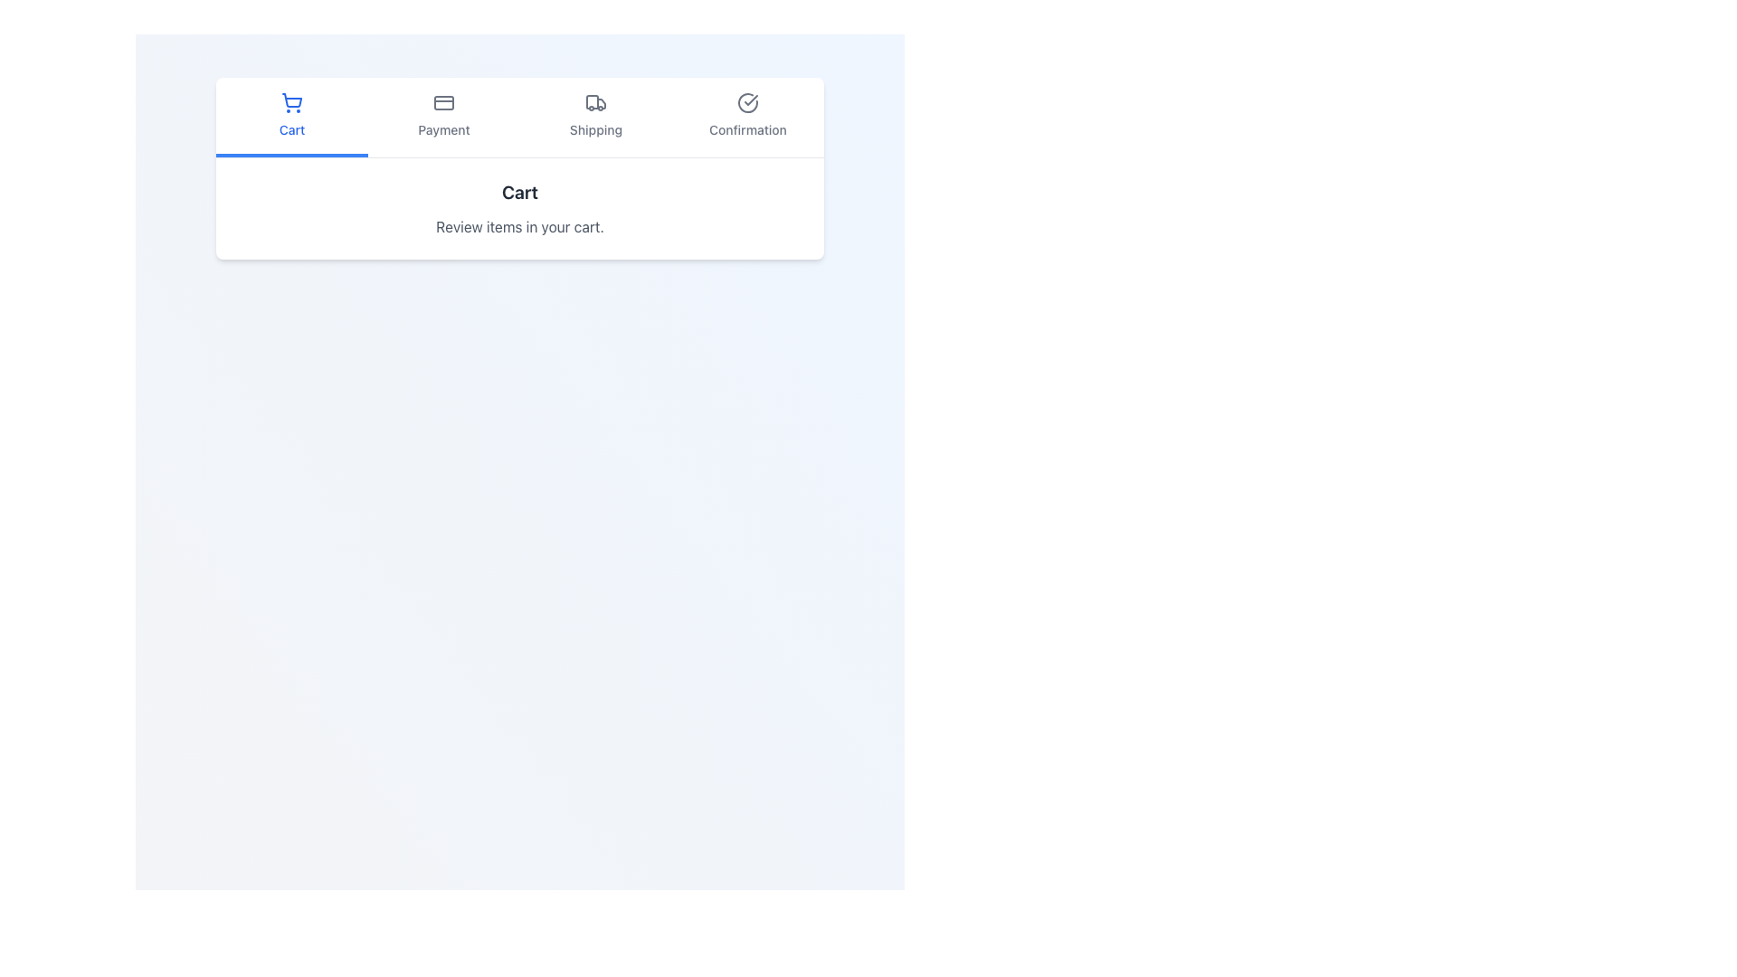  I want to click on the 'Confirmation' tab located on the right end of the navigation bar, so click(747, 118).